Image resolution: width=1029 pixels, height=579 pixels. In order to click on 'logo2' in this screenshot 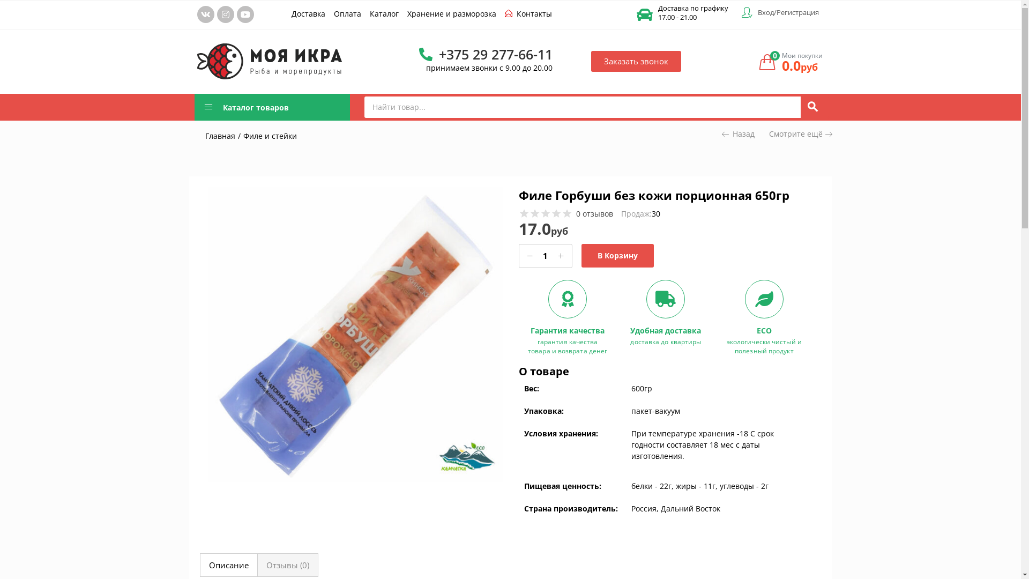, I will do `click(270, 61)`.